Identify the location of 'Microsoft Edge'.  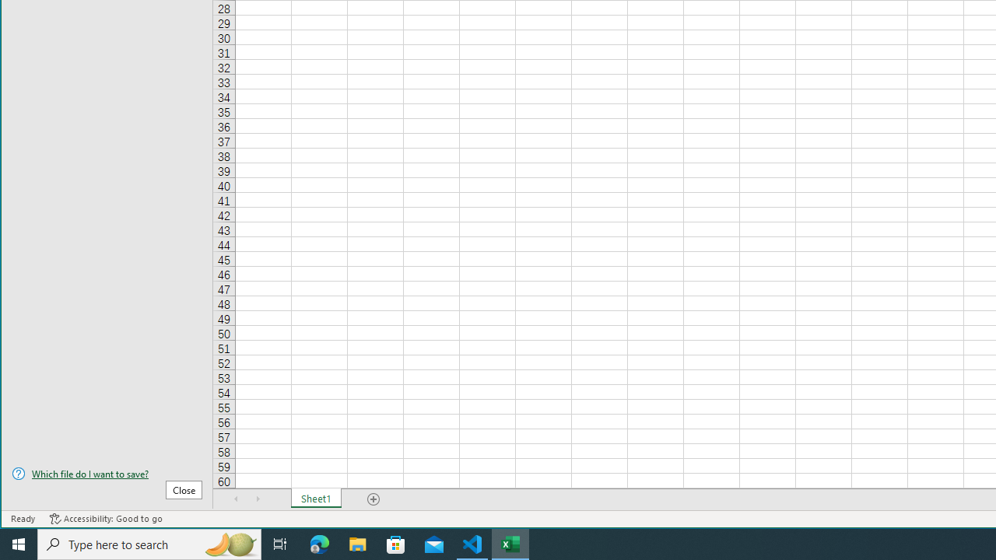
(319, 543).